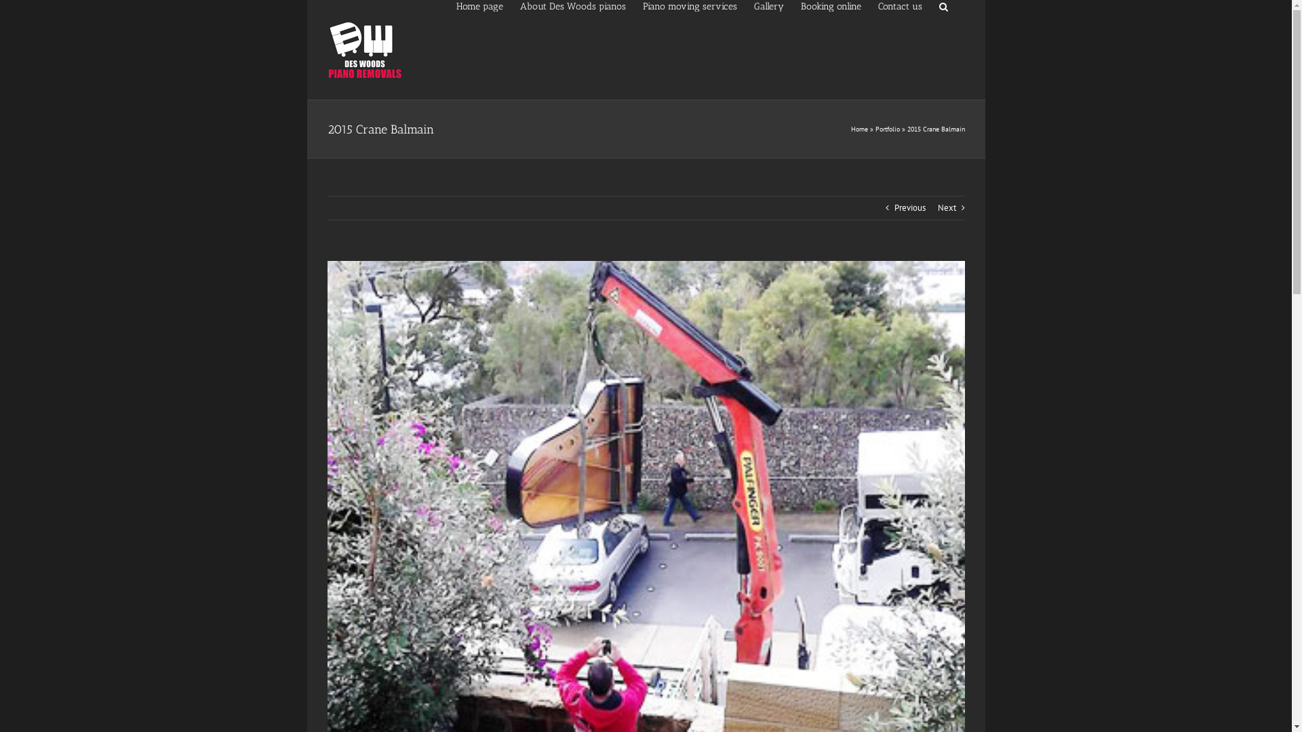 This screenshot has height=732, width=1302. I want to click on 'Previous', so click(909, 208).